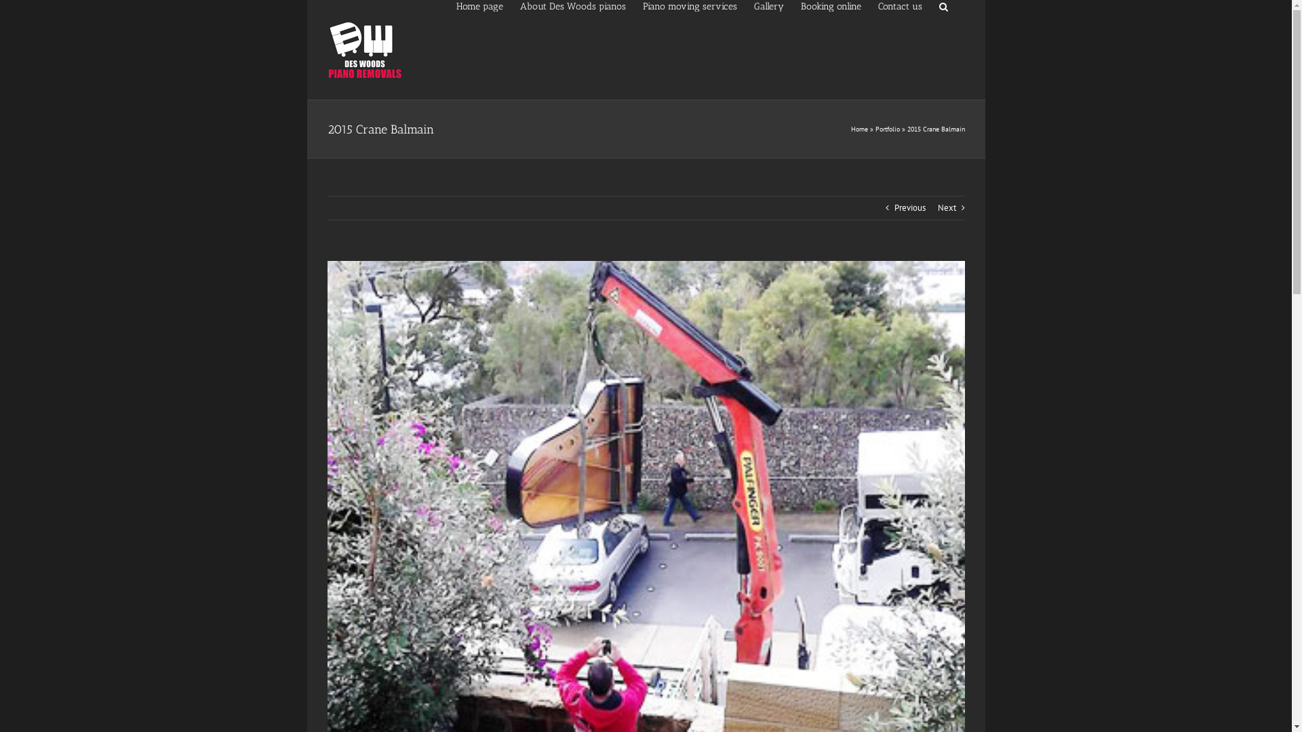 This screenshot has height=732, width=1302. I want to click on 'Previous', so click(909, 208).